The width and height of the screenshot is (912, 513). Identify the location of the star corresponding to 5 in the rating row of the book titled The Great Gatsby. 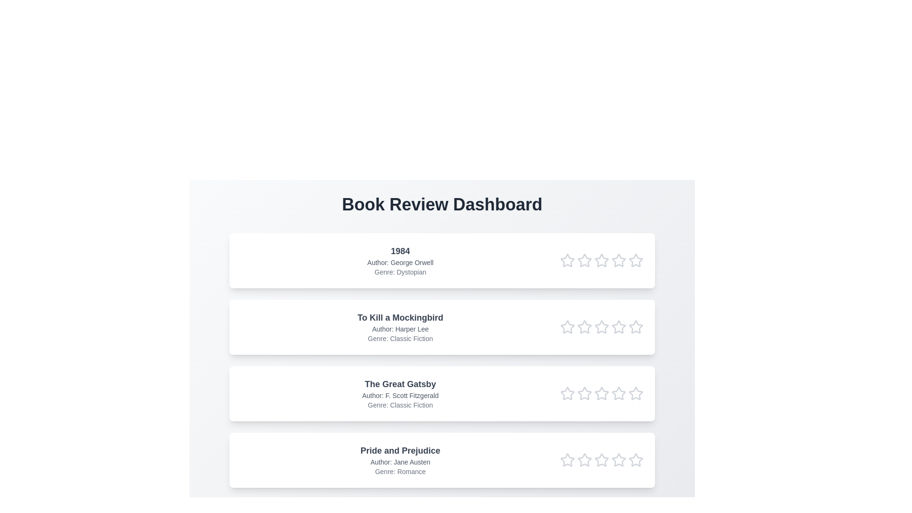
(636, 394).